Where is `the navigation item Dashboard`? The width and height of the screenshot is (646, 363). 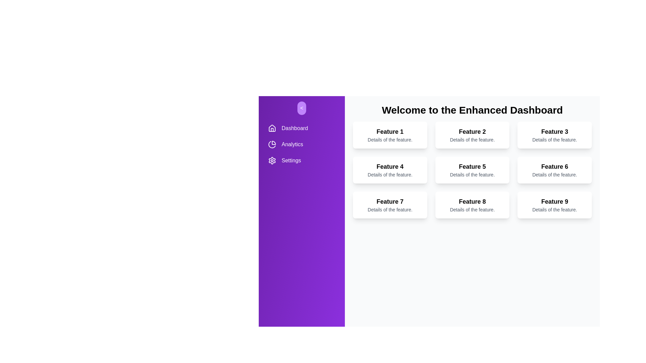 the navigation item Dashboard is located at coordinates (301, 128).